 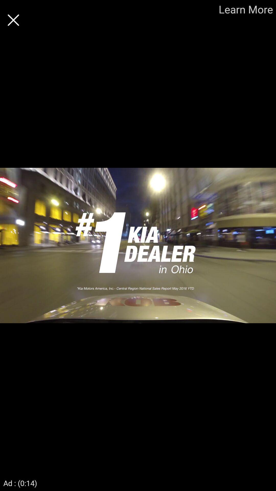 What do you see at coordinates (13, 20) in the screenshot?
I see `cancel the current page` at bounding box center [13, 20].